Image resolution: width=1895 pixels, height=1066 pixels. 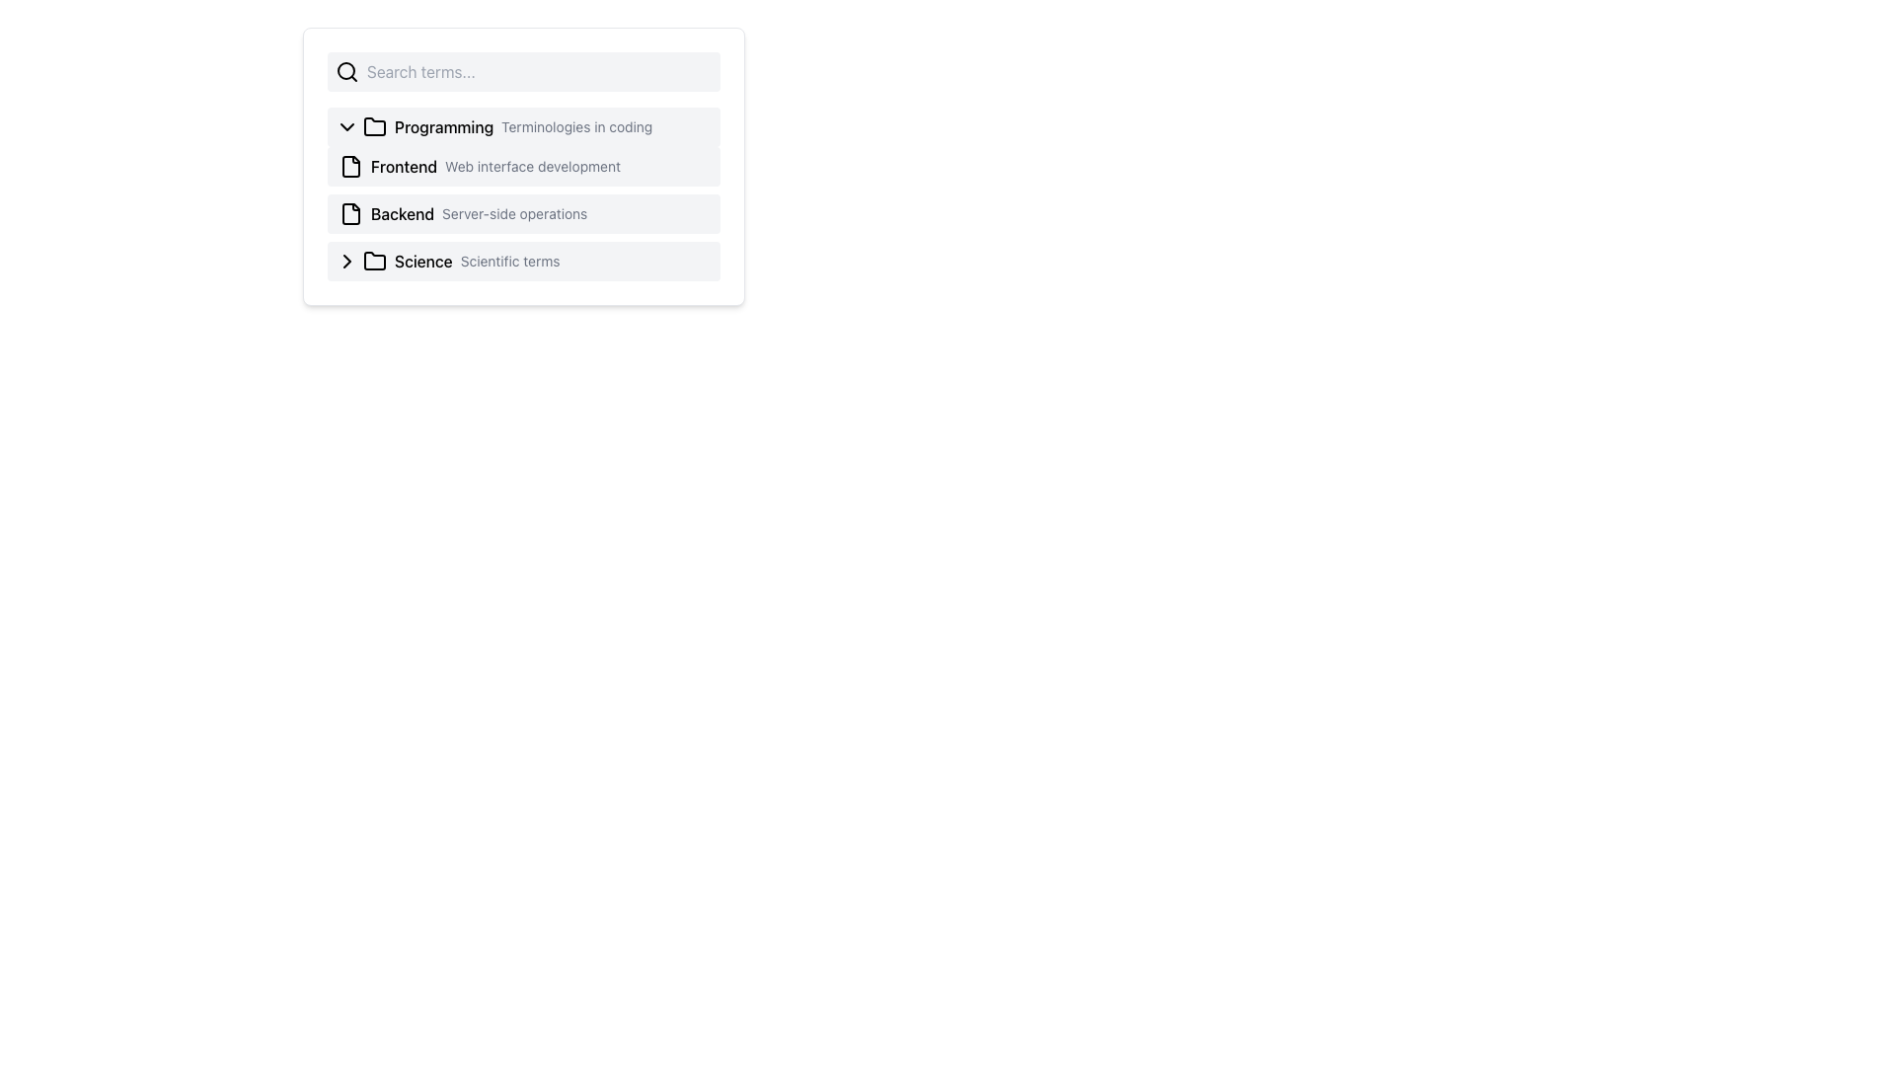 What do you see at coordinates (346, 261) in the screenshot?
I see `the arrow icon located at the far right side of the fourth item in the vertical list of categories` at bounding box center [346, 261].